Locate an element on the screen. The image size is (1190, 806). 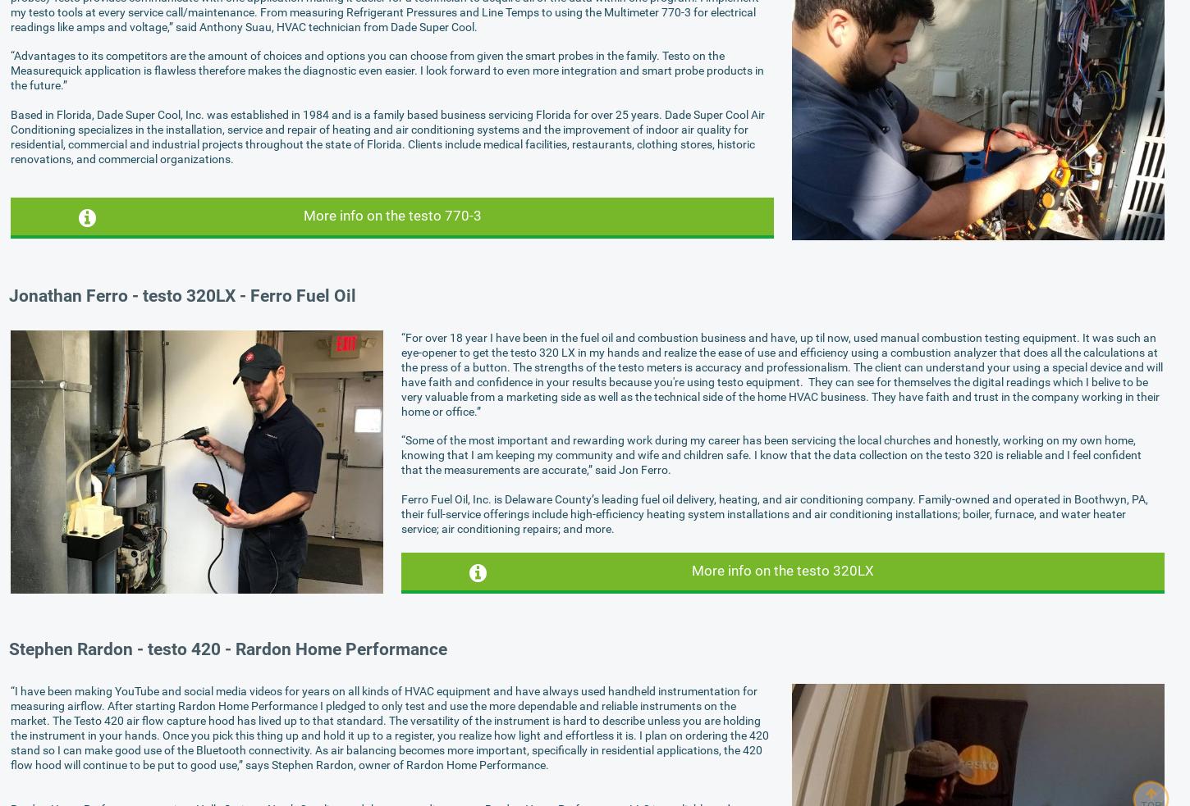
'More info on the testo 770-3' is located at coordinates (391, 214).